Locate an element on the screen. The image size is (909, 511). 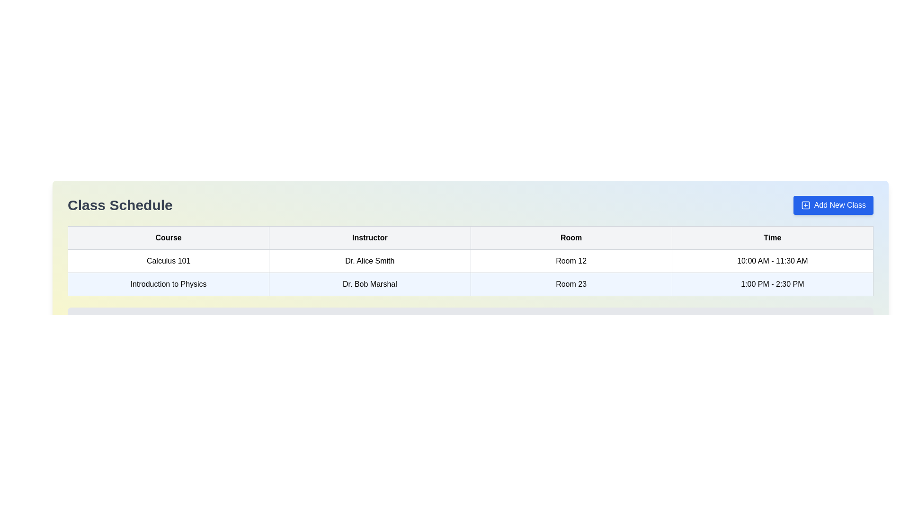
the Text display box that shows '10:00 AM - 11:30 AM' in the 'Time' column for 'Calculus 101' is located at coordinates (772, 261).